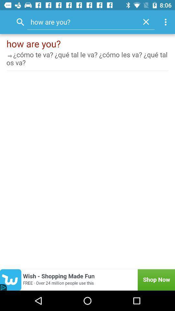 The height and width of the screenshot is (311, 175). Describe the element at coordinates (146, 22) in the screenshot. I see `item next to how are you? icon` at that location.